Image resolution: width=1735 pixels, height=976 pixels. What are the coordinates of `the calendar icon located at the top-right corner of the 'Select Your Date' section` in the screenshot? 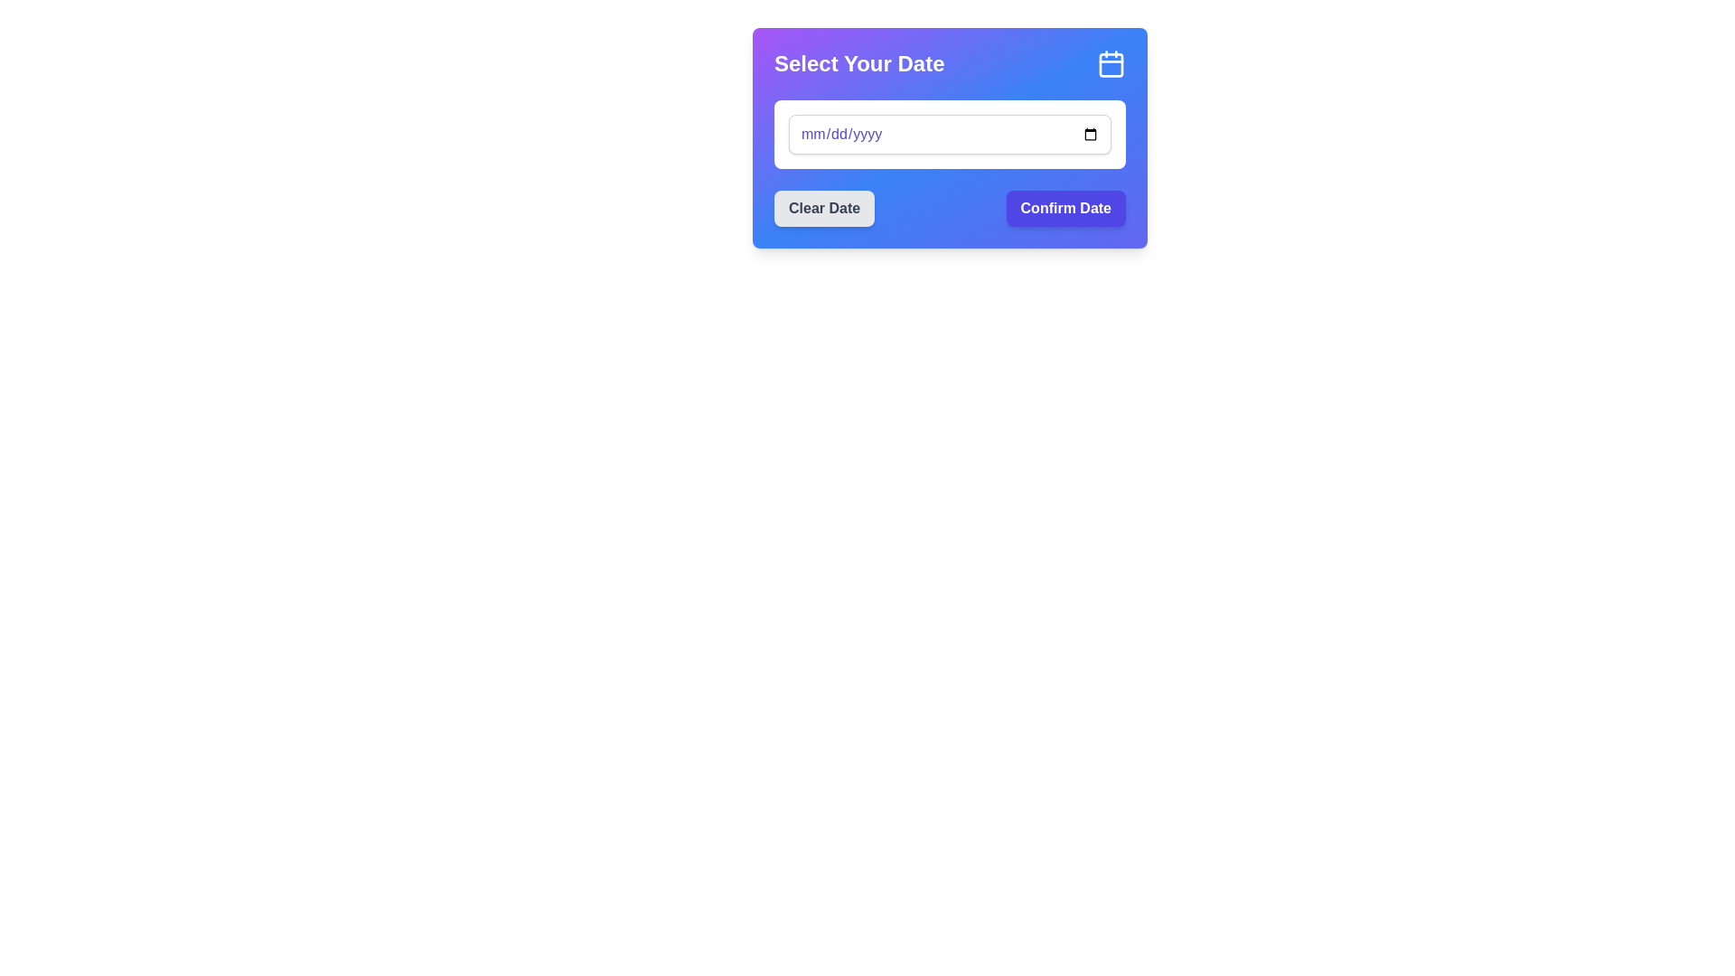 It's located at (1110, 62).